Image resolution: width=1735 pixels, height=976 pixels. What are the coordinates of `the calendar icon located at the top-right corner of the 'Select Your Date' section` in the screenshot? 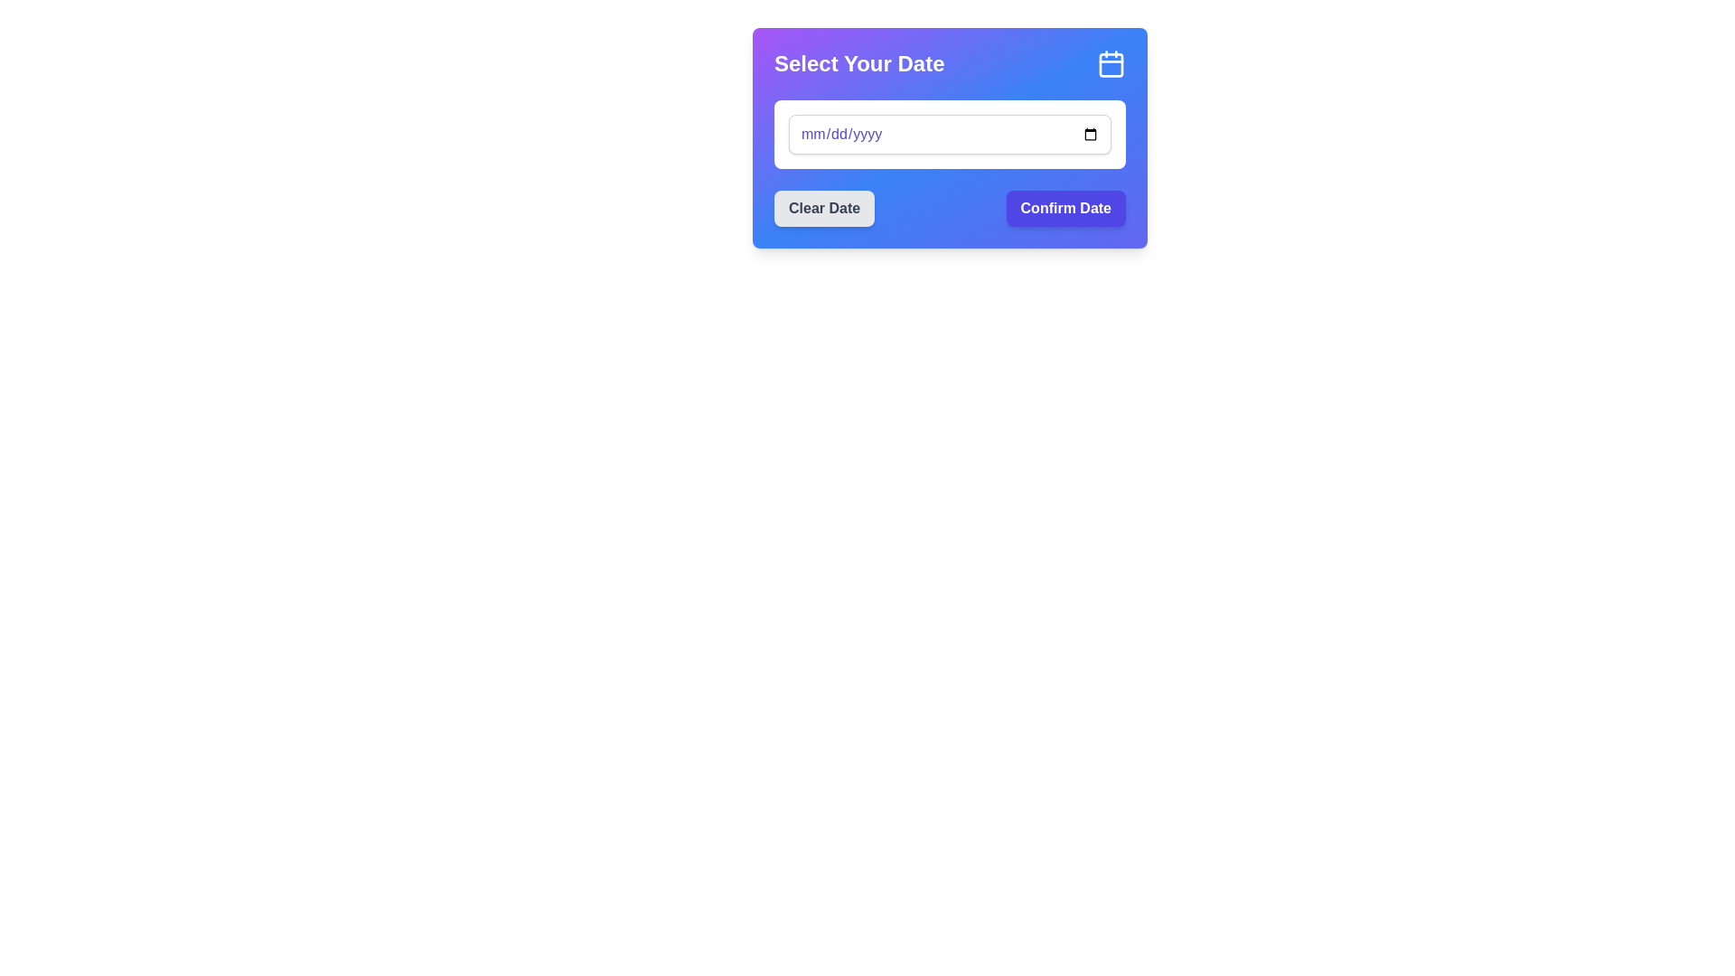 It's located at (1110, 62).